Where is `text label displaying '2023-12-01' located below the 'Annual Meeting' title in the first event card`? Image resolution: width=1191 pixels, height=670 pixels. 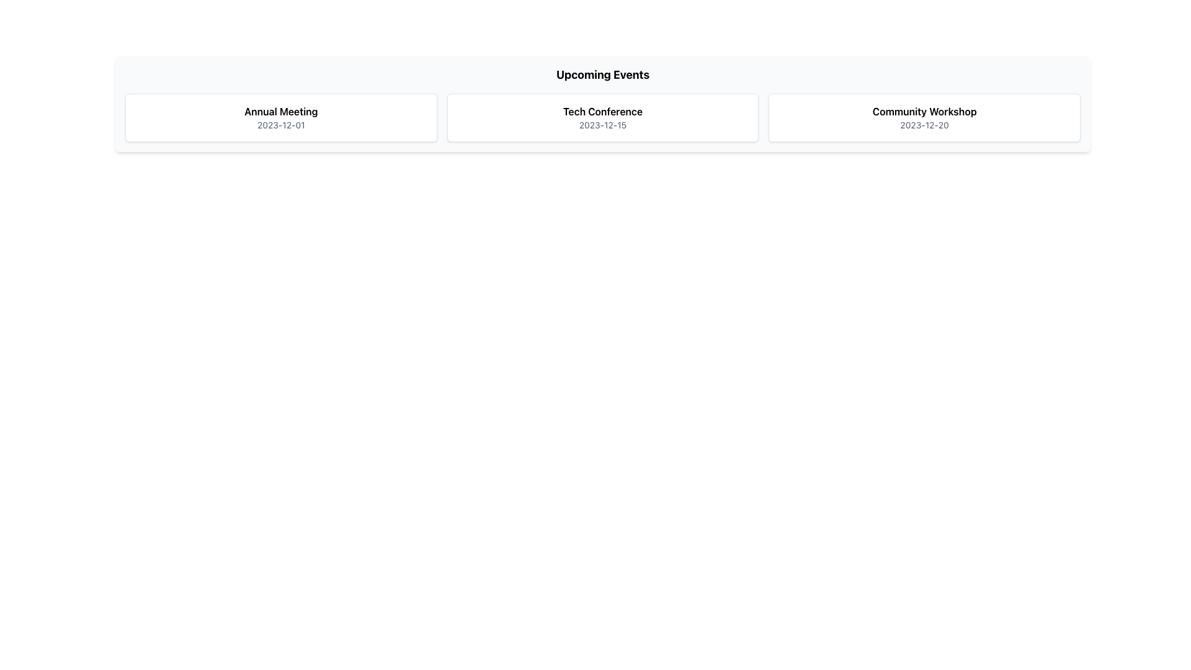
text label displaying '2023-12-01' located below the 'Annual Meeting' title in the first event card is located at coordinates (280, 125).